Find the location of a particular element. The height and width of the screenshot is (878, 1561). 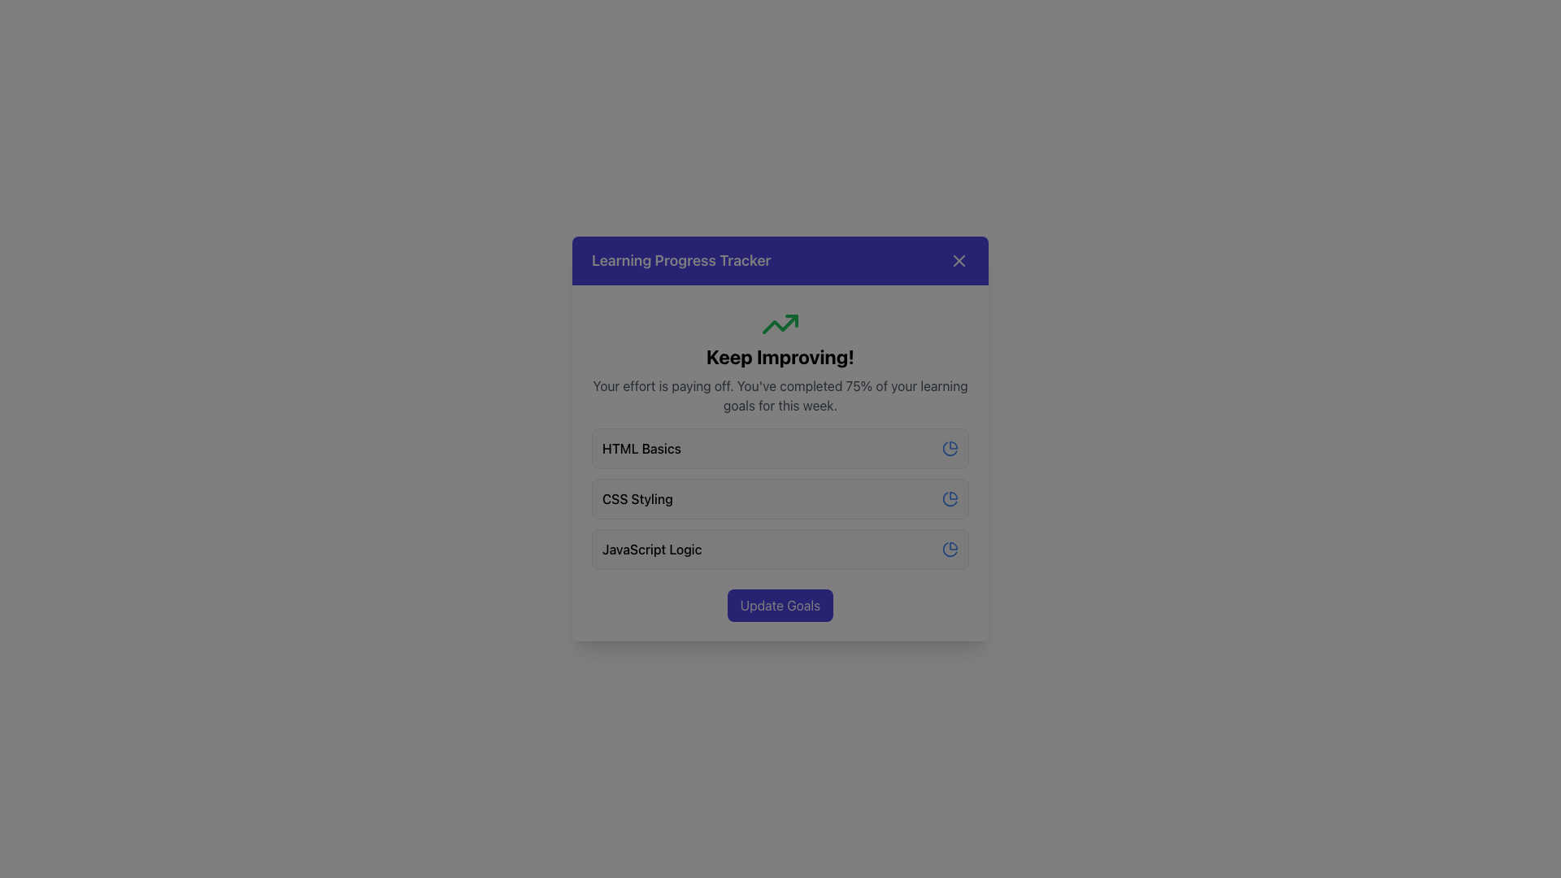

the close button located in the top-right corner of the header bar labeled 'Learning Progress Tracker' is located at coordinates (959, 259).